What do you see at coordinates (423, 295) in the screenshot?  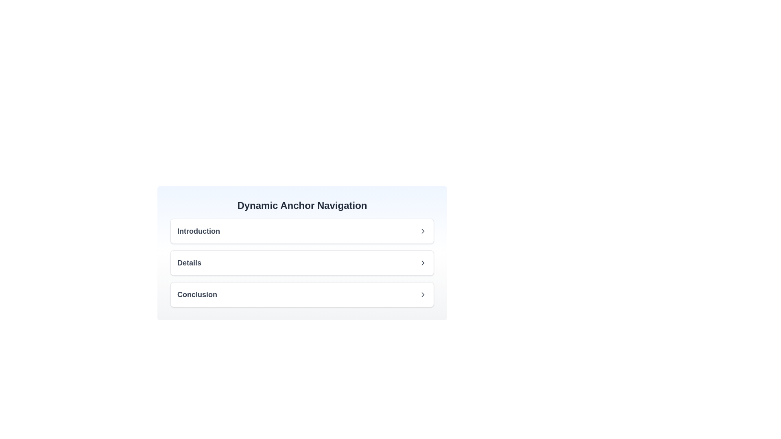 I see `the right-pointing chevron icon located at the right end of the 'Conclusion' entry in the vertical list` at bounding box center [423, 295].